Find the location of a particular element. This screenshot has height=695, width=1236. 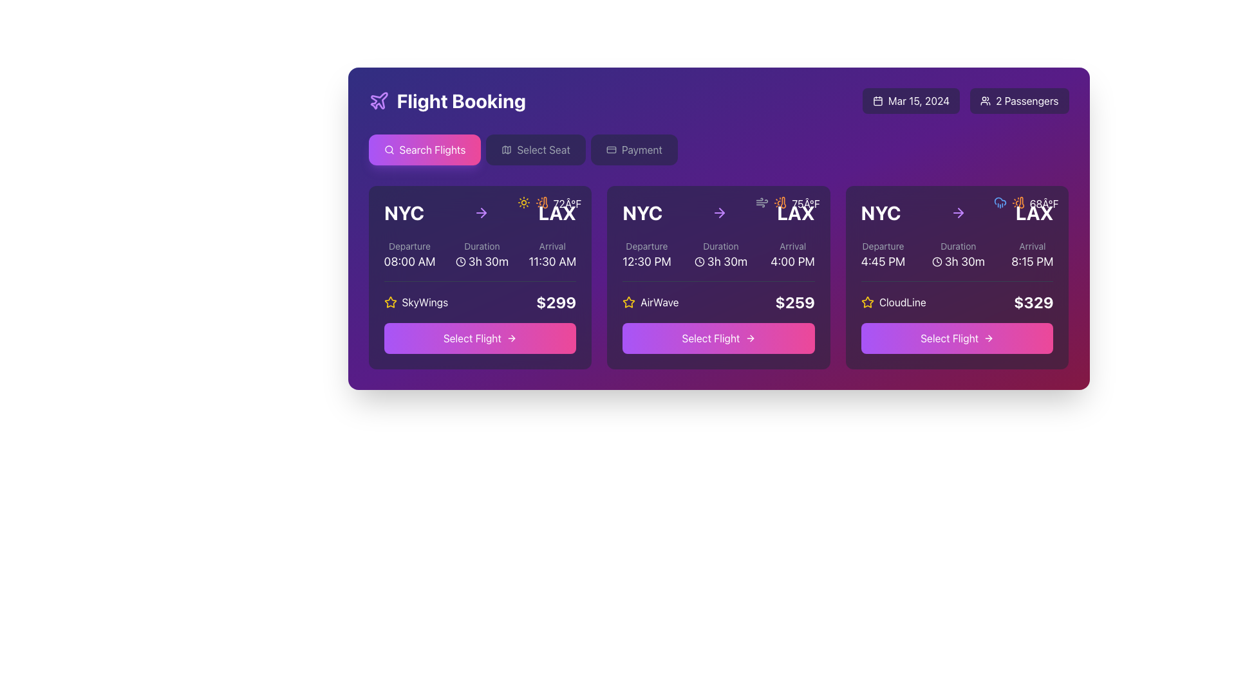

the decorative SVG element located in the payment section's icon cluster on the right side of the action bar is located at coordinates (610, 149).